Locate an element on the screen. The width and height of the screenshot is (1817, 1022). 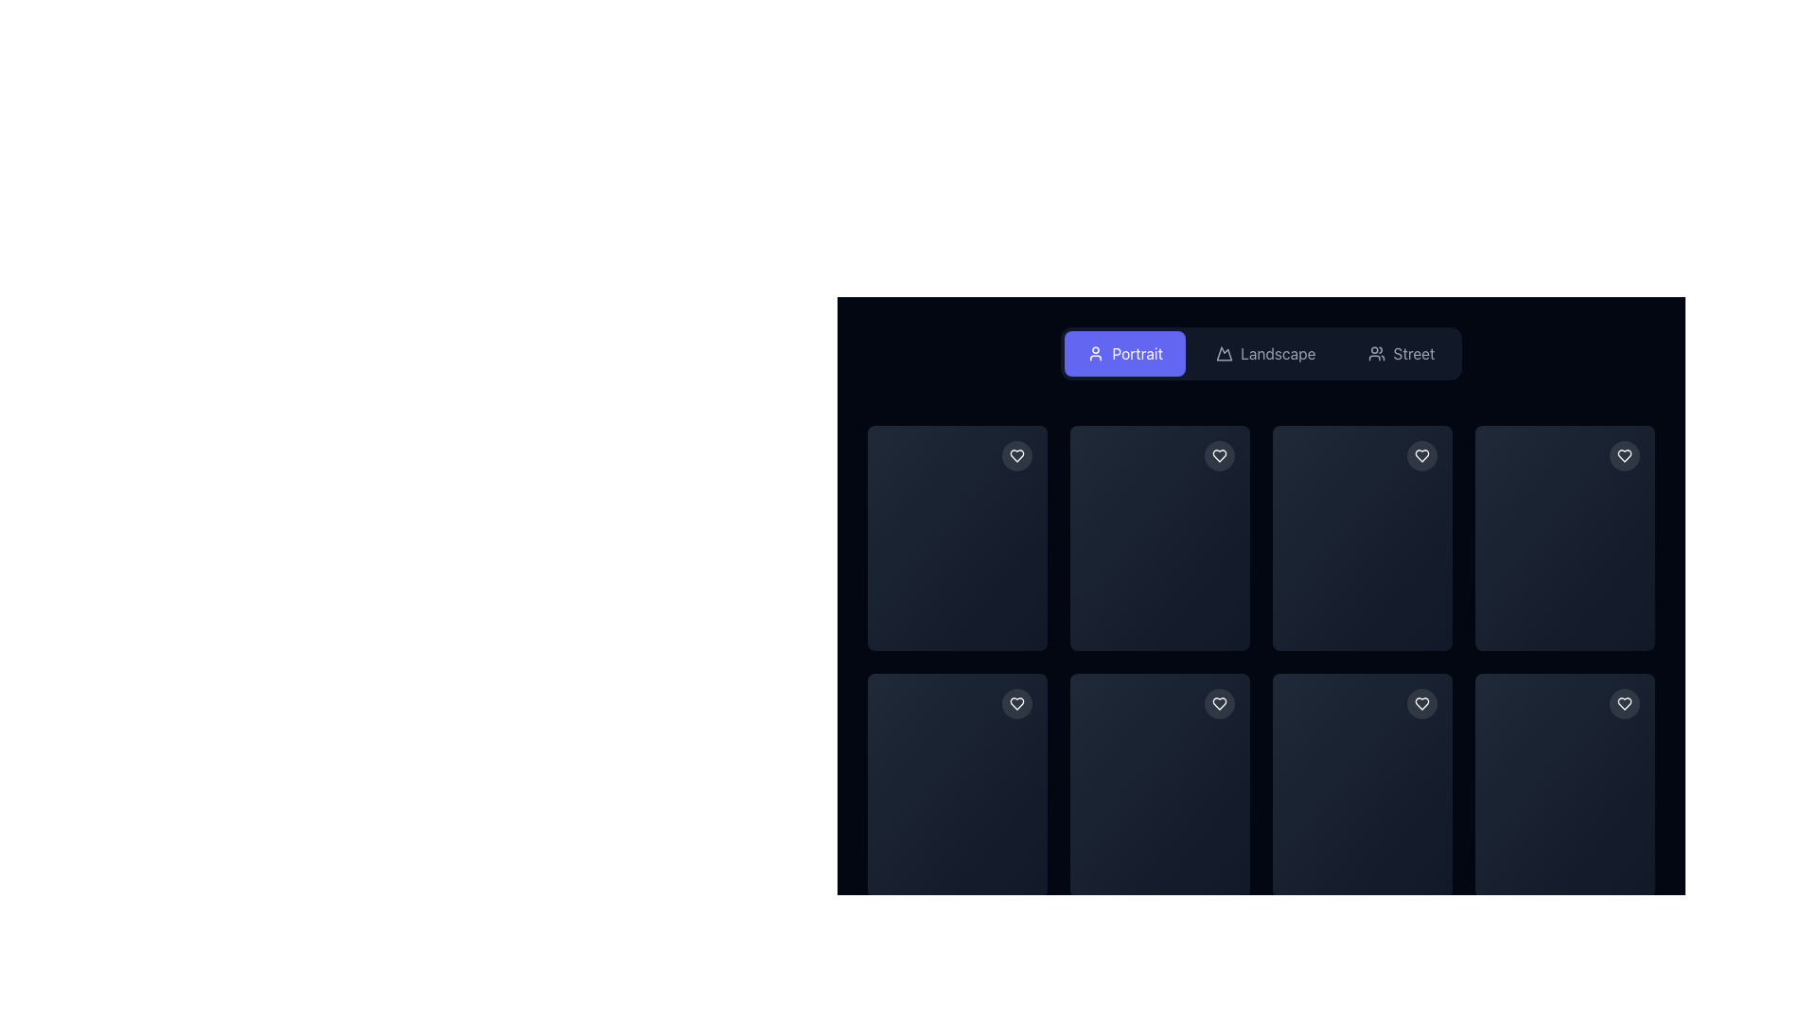
the Interactive icon located in the top-right corner of the vertical card layout is located at coordinates (1421, 703).